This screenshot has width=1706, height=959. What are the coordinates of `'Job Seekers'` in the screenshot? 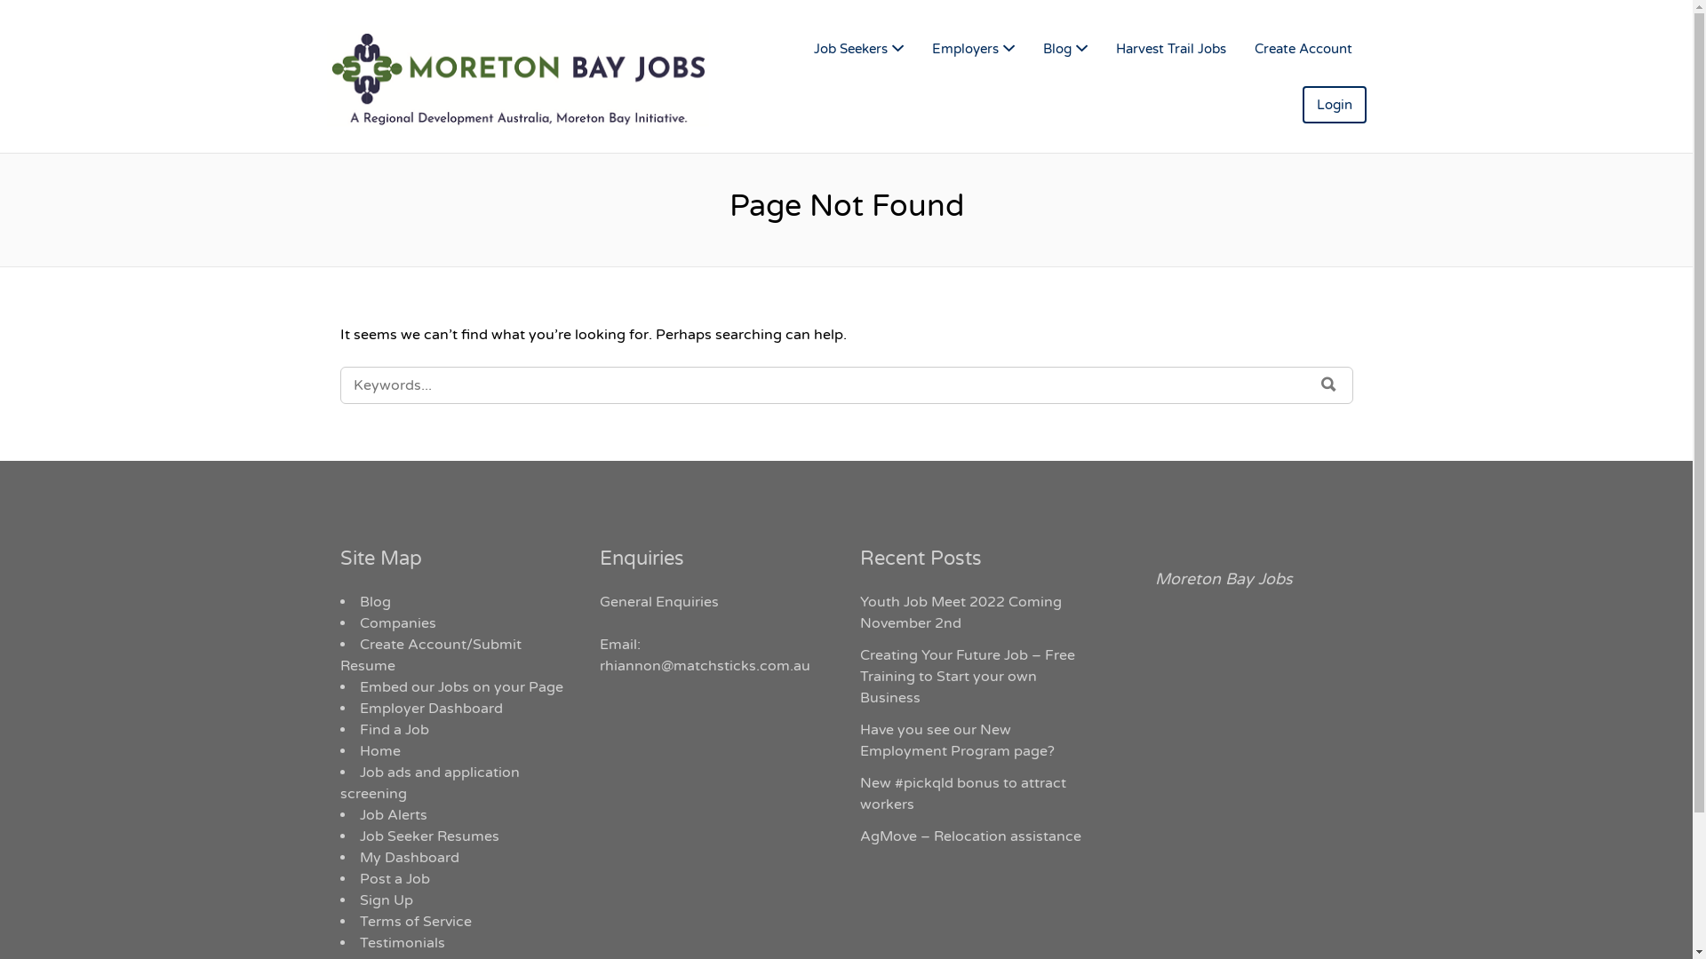 It's located at (858, 48).